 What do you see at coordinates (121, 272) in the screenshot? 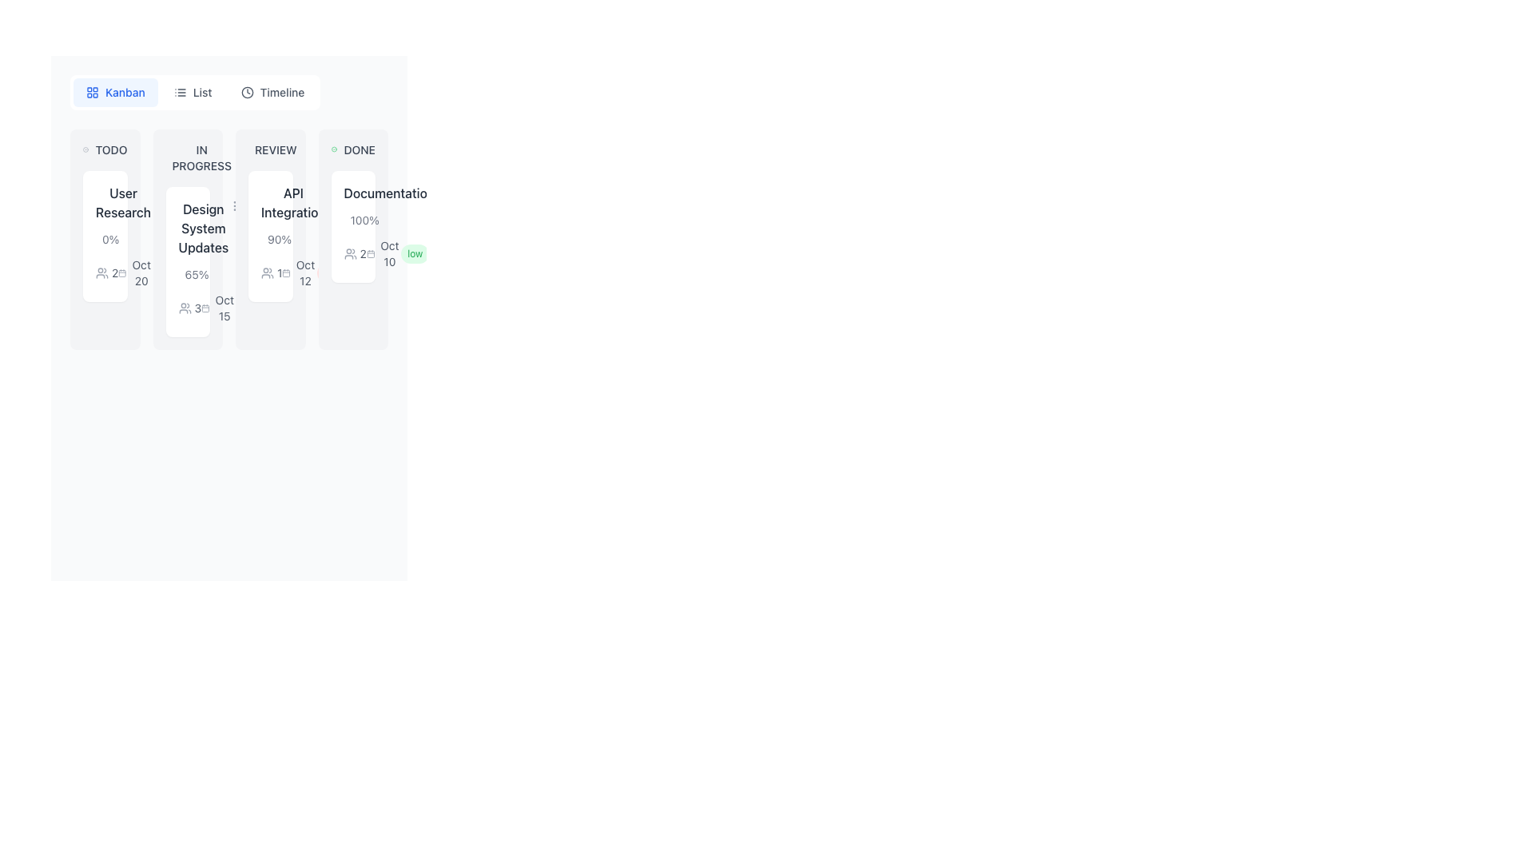
I see `the calendar icon located in the 'TODO' column of the Kanban board, which is positioned underneath the 'User Research' task card and has the date text 'Oct 20' to its right` at bounding box center [121, 272].